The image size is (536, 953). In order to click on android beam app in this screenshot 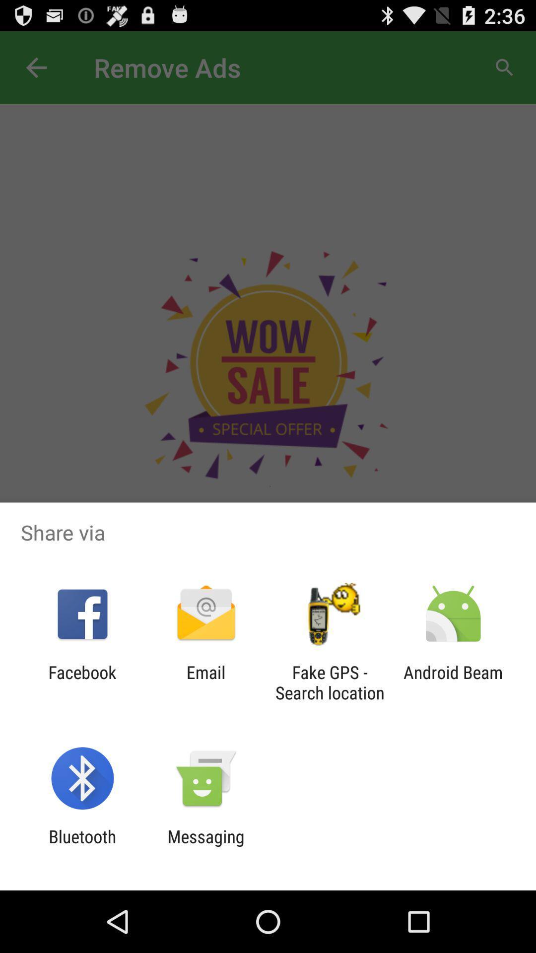, I will do `click(453, 682)`.